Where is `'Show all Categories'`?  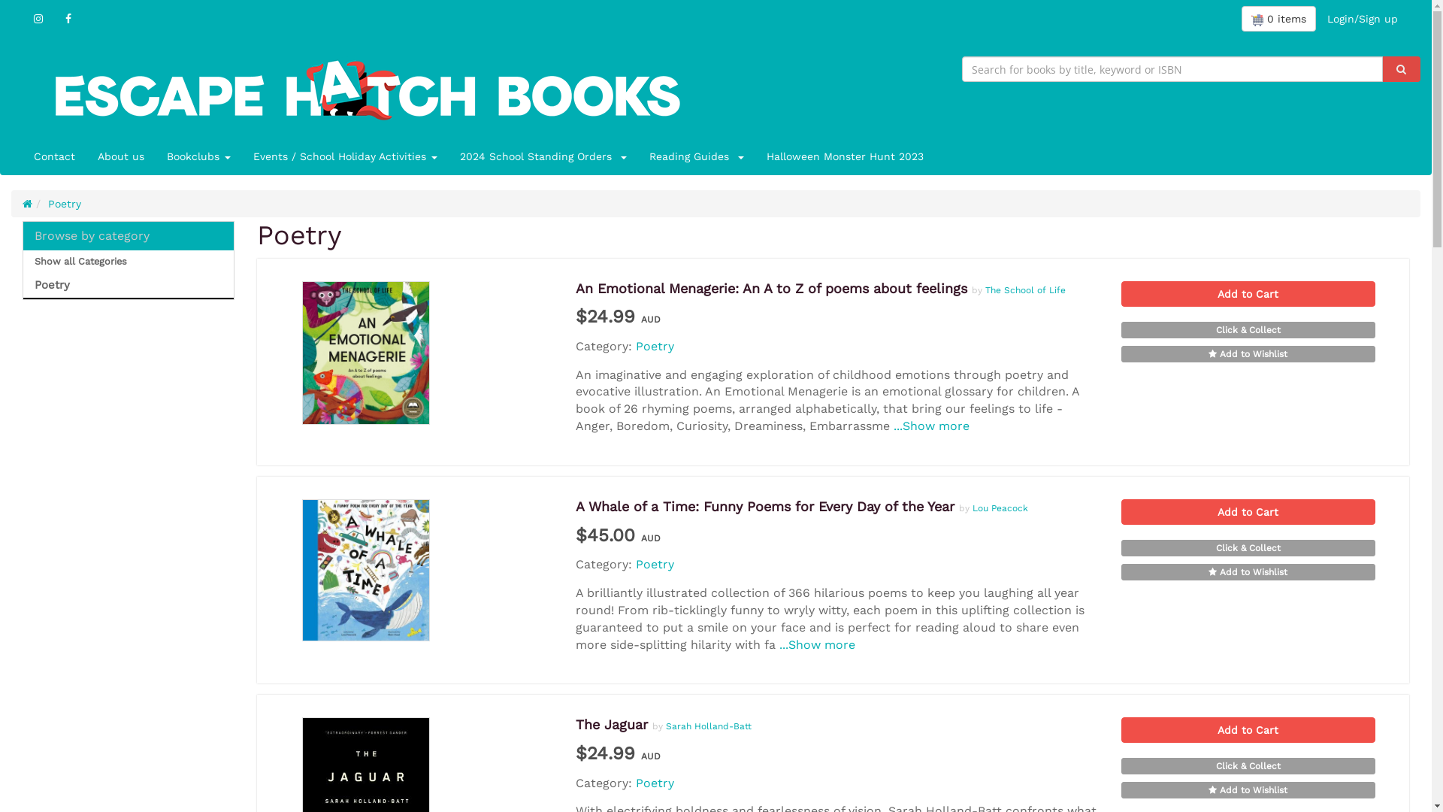
'Show all Categories' is located at coordinates (129, 260).